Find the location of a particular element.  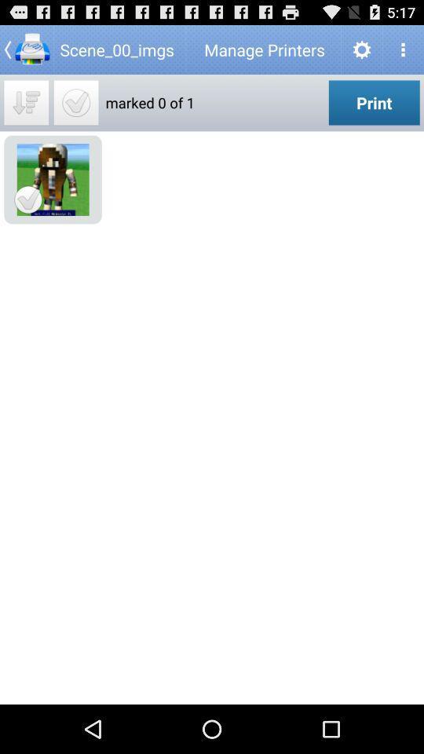

image is located at coordinates (75, 101).